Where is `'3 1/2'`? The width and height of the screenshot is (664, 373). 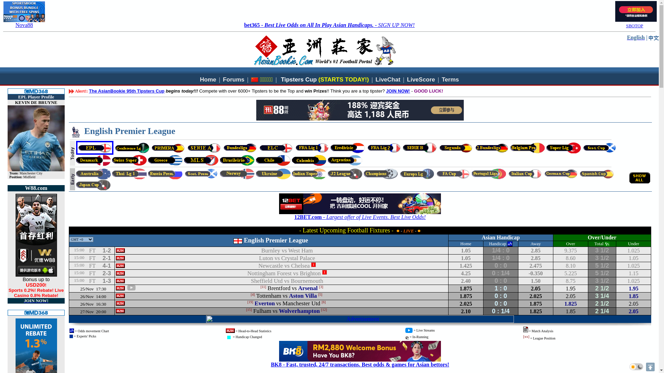 '3 1/2' is located at coordinates (602, 258).